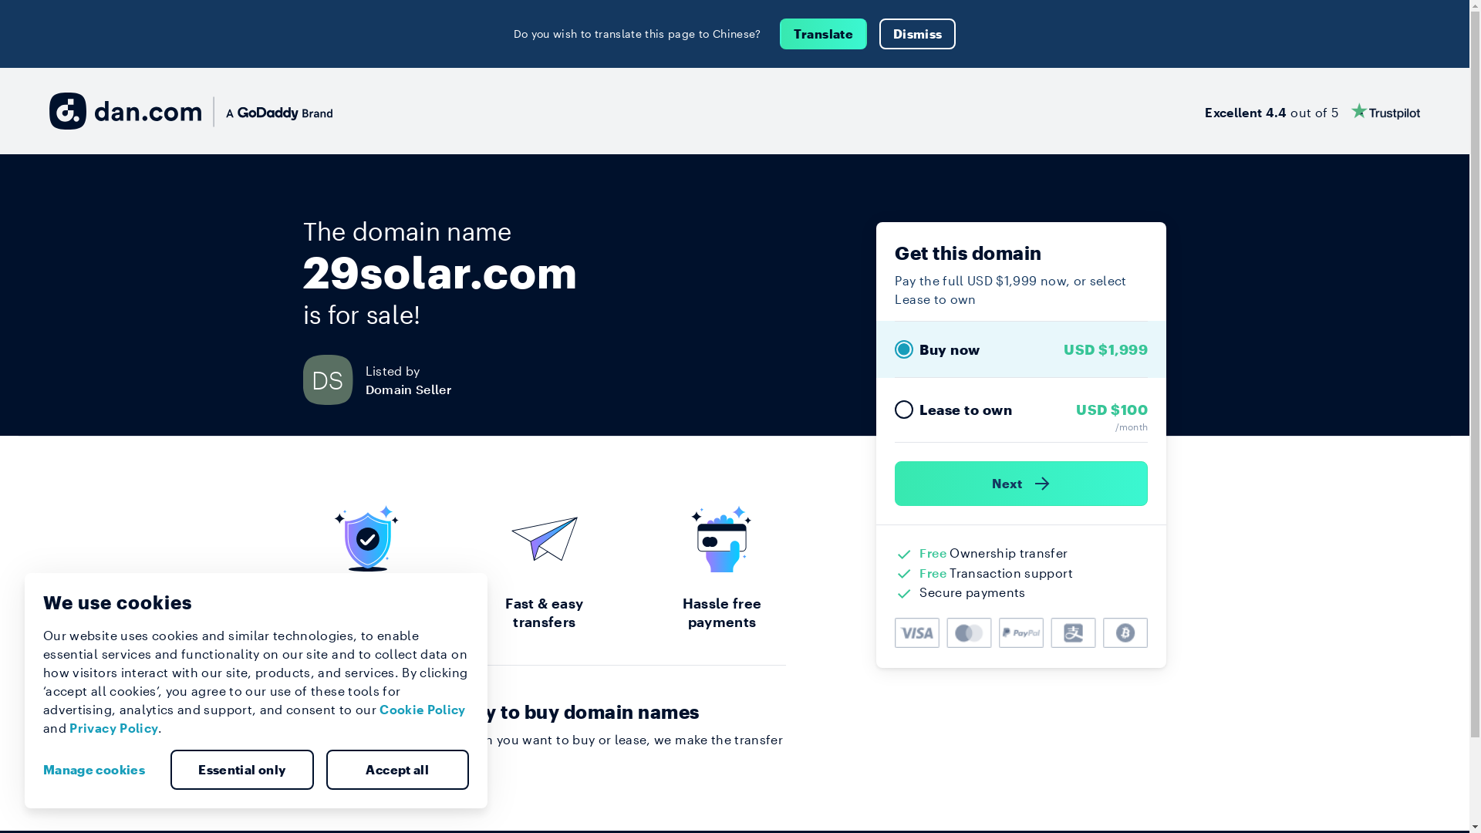 The image size is (1481, 833). I want to click on 'Next, so click(1021, 483).